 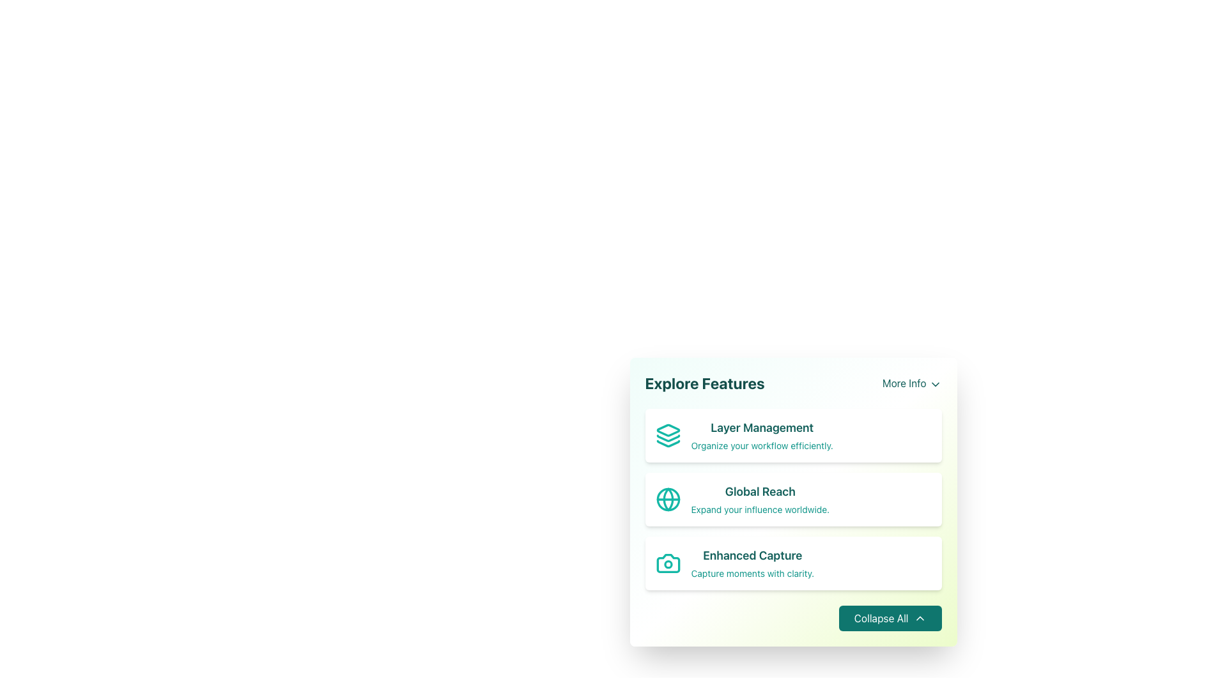 I want to click on to select the second card in the vertical list under the header 'Explore Features', which features a globe icon, a title 'Global Reach' in bold teal text, and a subtitle 'Expand your influence worldwide.', so click(x=792, y=502).